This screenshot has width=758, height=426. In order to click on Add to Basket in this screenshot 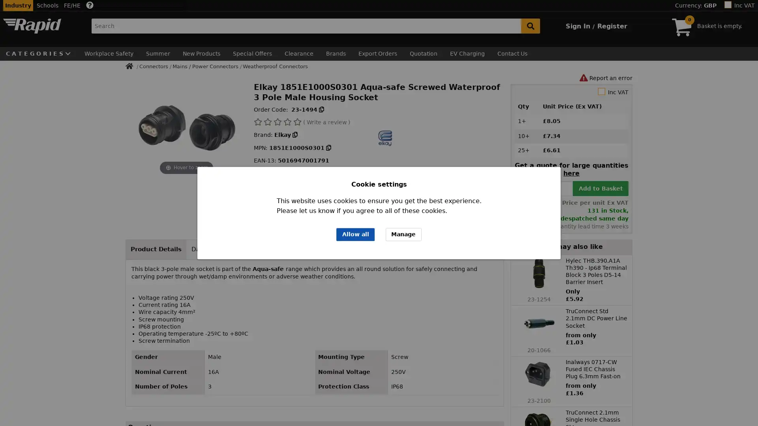, I will do `click(600, 188)`.